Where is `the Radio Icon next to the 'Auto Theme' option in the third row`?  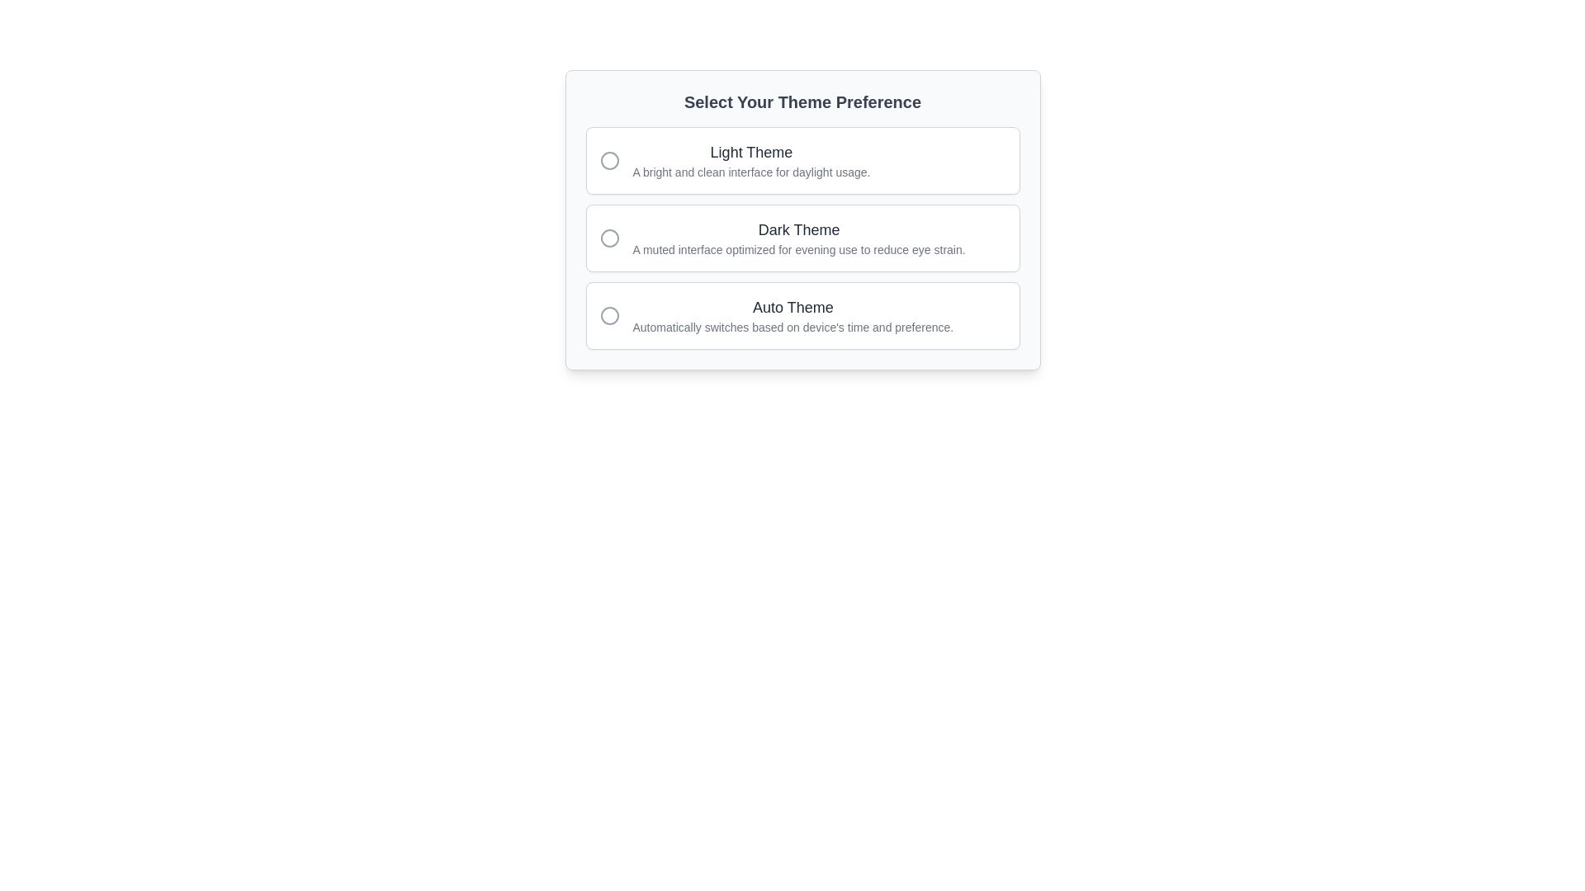 the Radio Icon next to the 'Auto Theme' option in the third row is located at coordinates (608, 315).